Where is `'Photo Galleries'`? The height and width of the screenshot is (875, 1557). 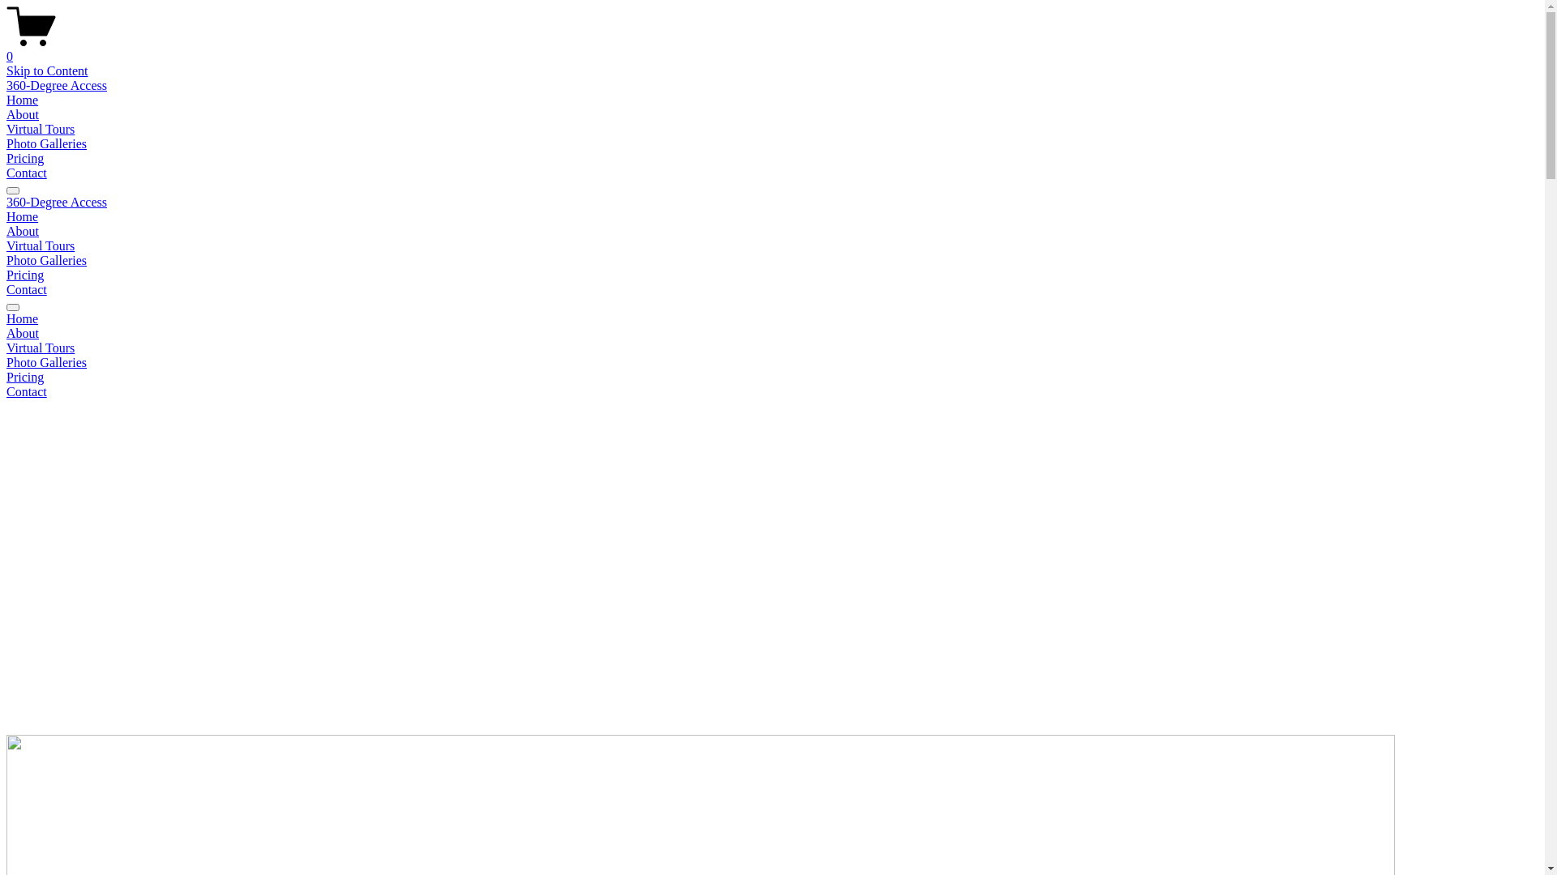 'Photo Galleries' is located at coordinates (46, 143).